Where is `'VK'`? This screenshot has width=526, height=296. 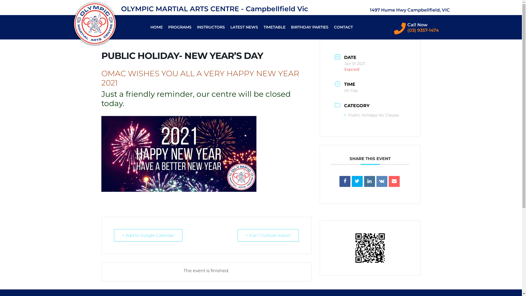 'VK' is located at coordinates (381, 181).